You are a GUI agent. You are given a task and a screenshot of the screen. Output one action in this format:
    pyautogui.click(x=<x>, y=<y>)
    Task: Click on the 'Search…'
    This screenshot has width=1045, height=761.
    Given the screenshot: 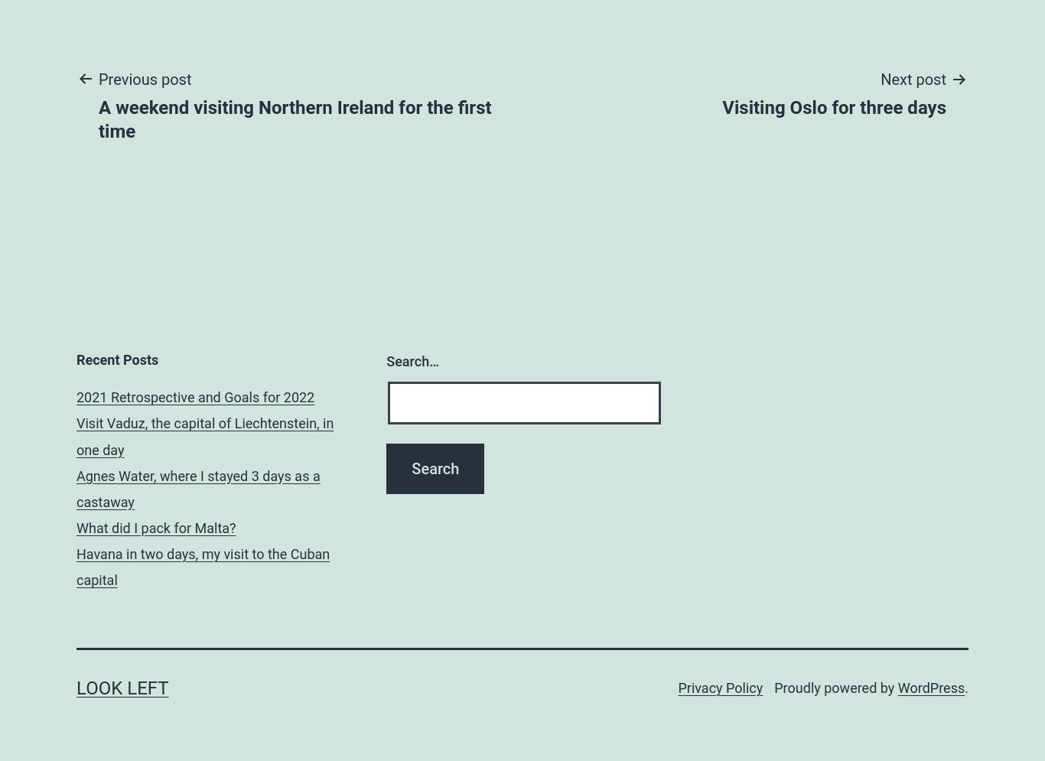 What is the action you would take?
    pyautogui.click(x=412, y=360)
    